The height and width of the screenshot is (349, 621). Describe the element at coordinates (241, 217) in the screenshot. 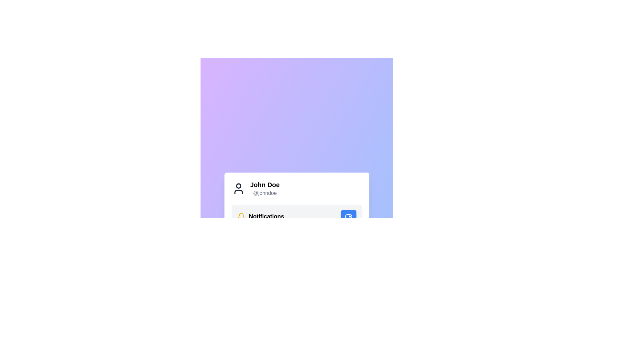

I see `the appearance of the vivid yellow bell-shaped icon for notifications, located to the left of the 'Notifications' text label` at that location.